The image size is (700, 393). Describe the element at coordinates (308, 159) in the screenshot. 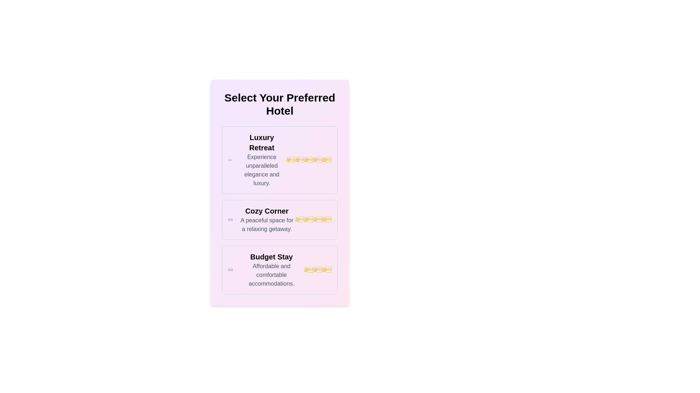

I see `the Rating Display (Text-based Stars) for the 'Luxury Retreat' option` at that location.